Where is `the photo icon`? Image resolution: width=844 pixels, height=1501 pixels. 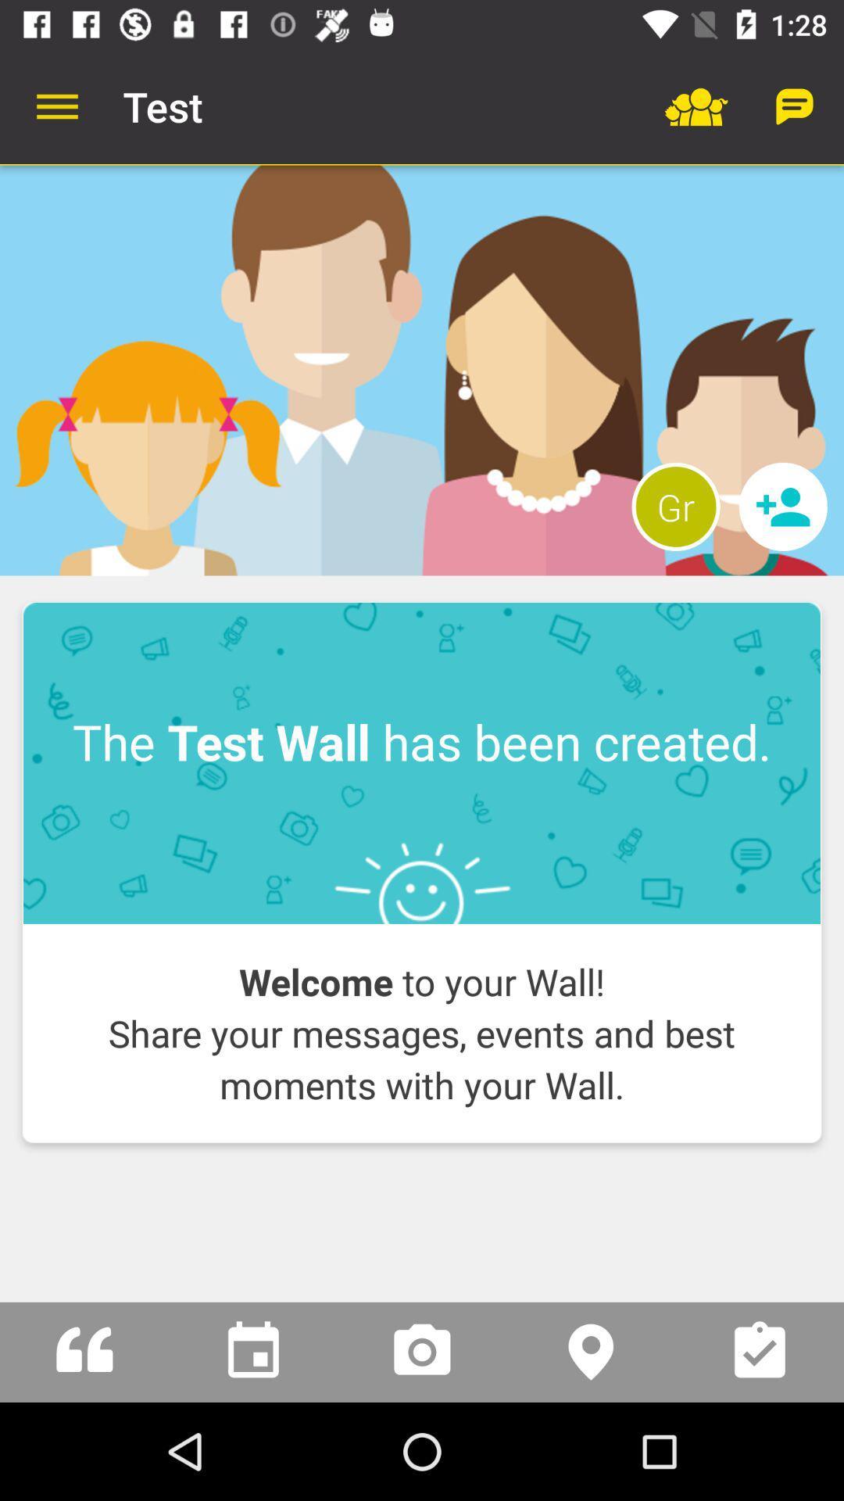 the photo icon is located at coordinates (422, 1351).